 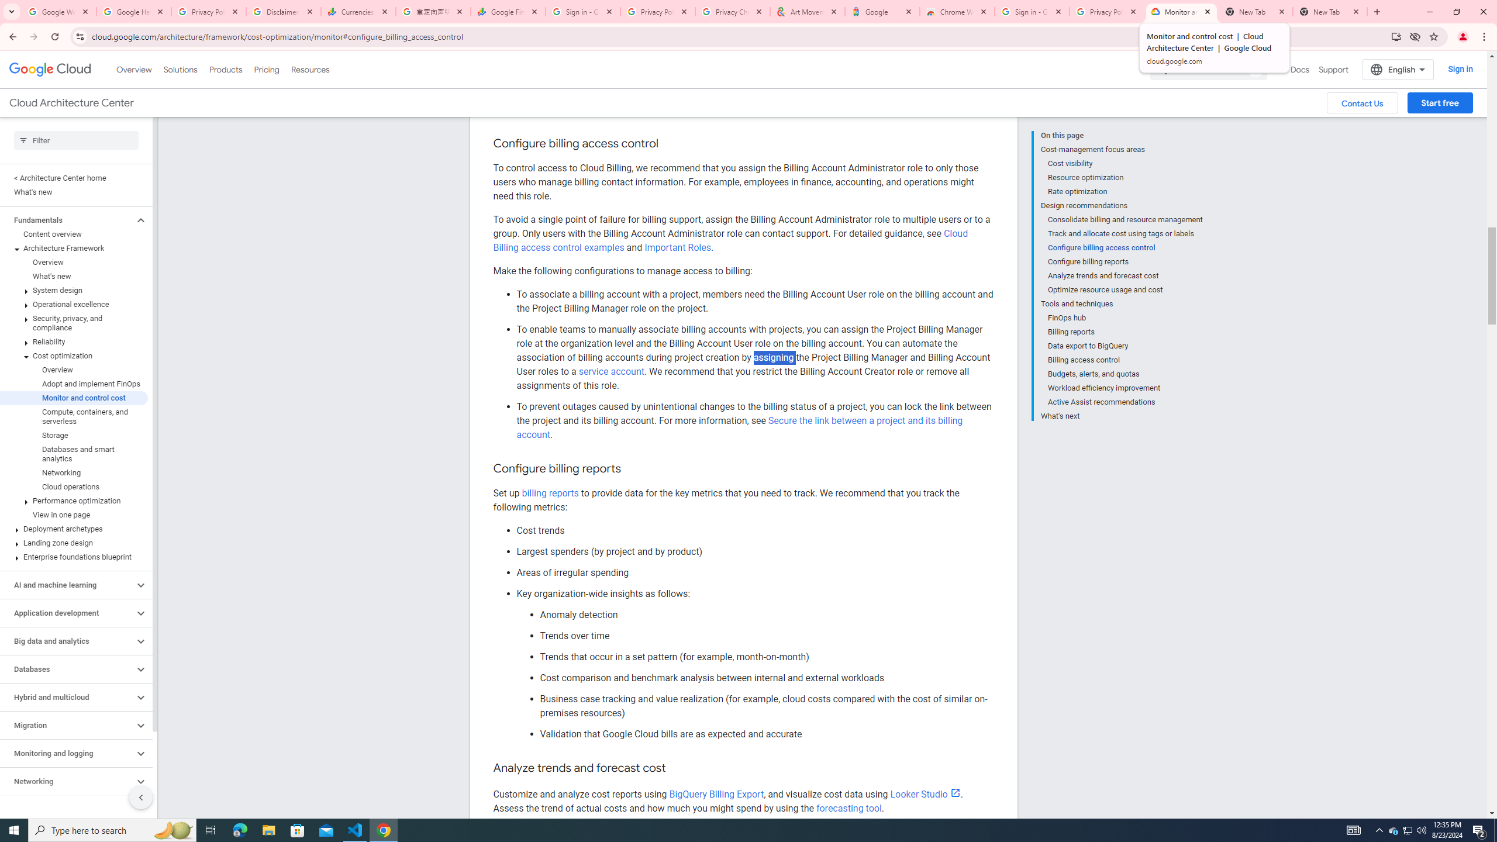 I want to click on 'New Tab', so click(x=1330, y=11).